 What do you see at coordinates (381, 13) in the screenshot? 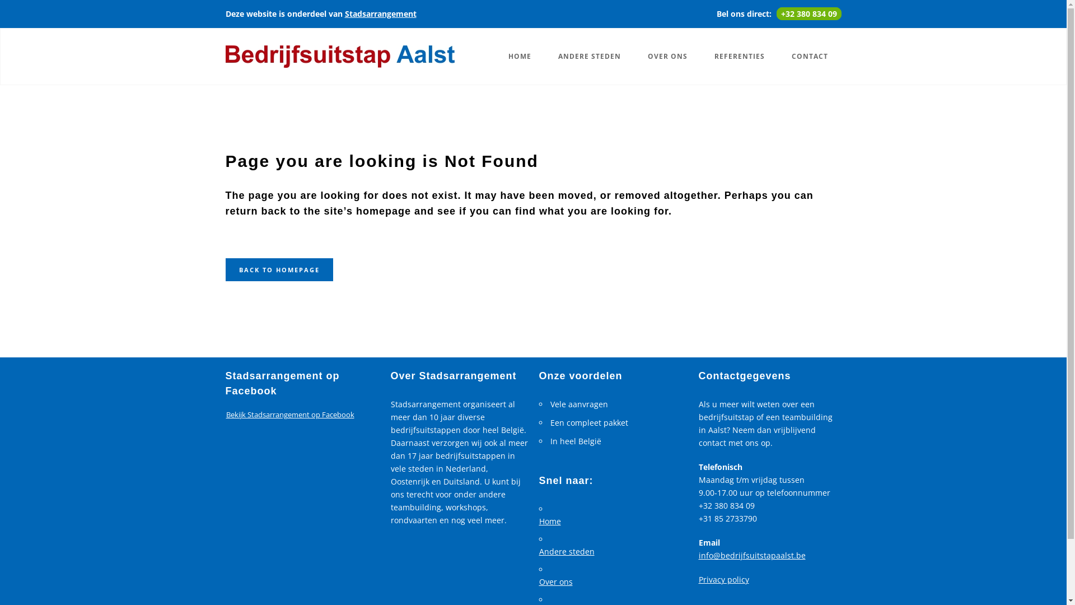
I see `'Stadsarrangement'` at bounding box center [381, 13].